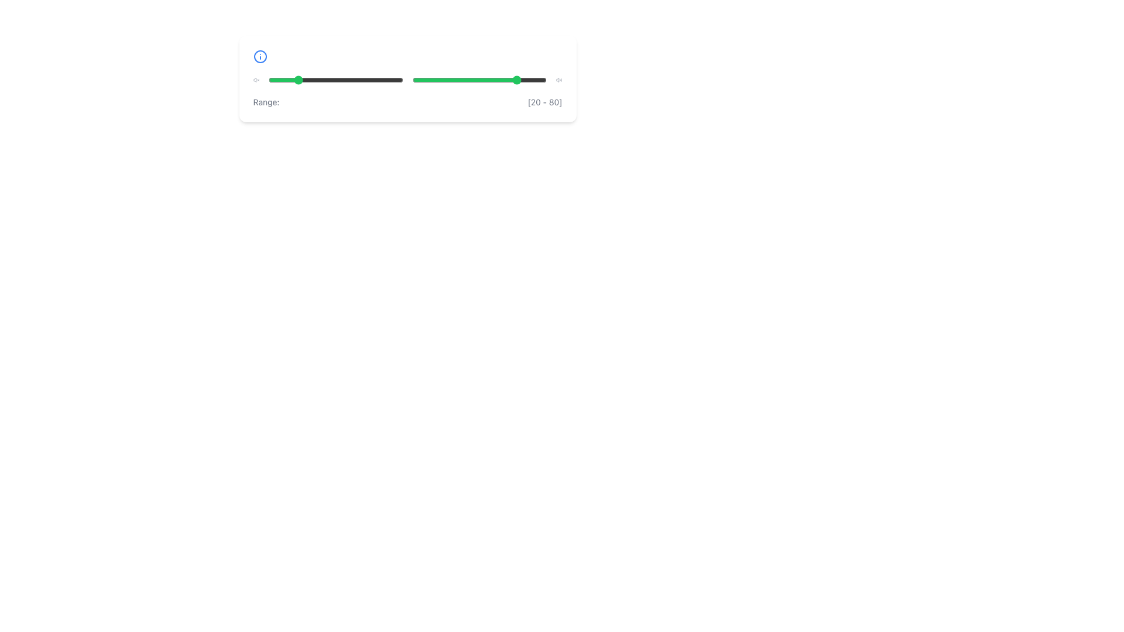  What do you see at coordinates (423, 80) in the screenshot?
I see `the slider value` at bounding box center [423, 80].